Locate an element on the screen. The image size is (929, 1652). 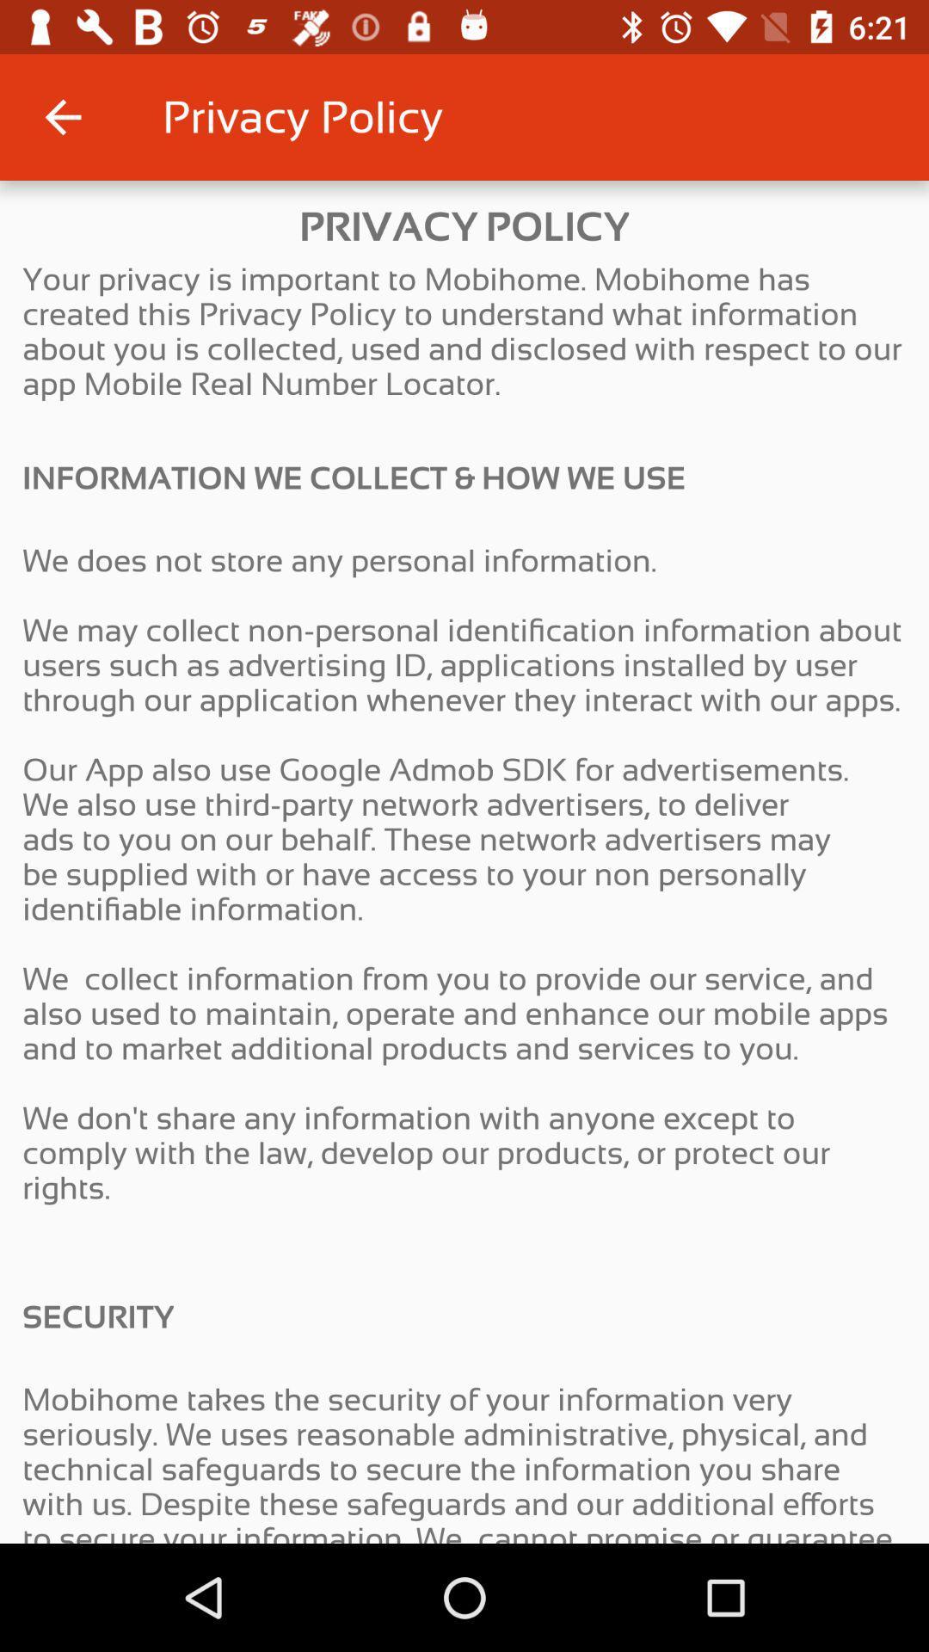
the icon above your privacy is icon is located at coordinates (62, 116).